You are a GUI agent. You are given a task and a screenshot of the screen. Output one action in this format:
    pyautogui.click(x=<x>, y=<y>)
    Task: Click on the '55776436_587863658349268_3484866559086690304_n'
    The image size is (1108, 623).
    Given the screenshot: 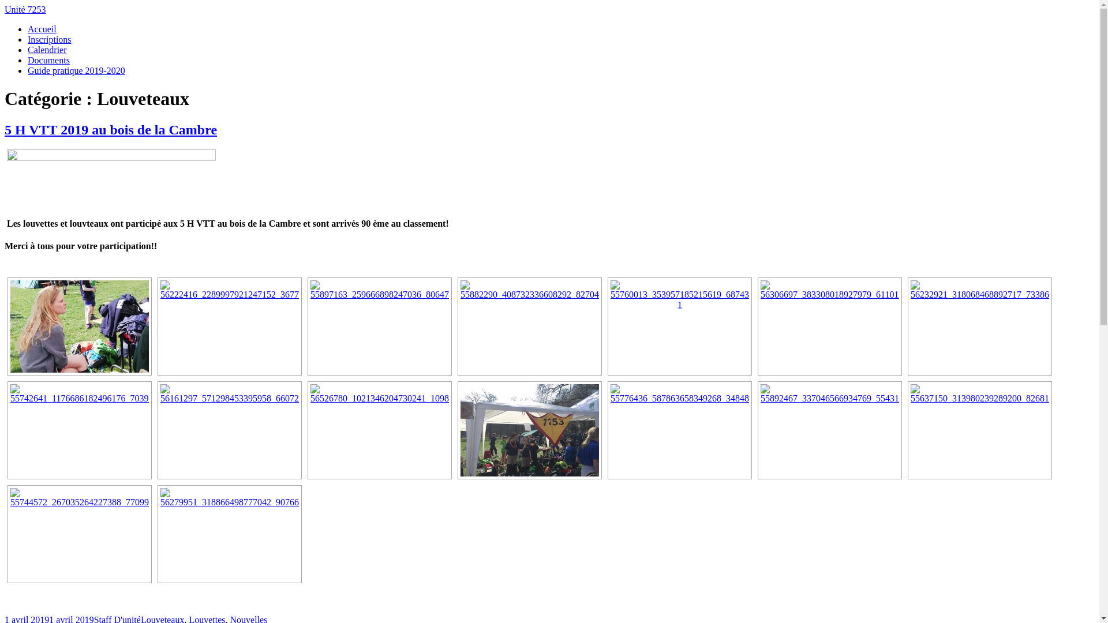 What is the action you would take?
    pyautogui.click(x=679, y=430)
    